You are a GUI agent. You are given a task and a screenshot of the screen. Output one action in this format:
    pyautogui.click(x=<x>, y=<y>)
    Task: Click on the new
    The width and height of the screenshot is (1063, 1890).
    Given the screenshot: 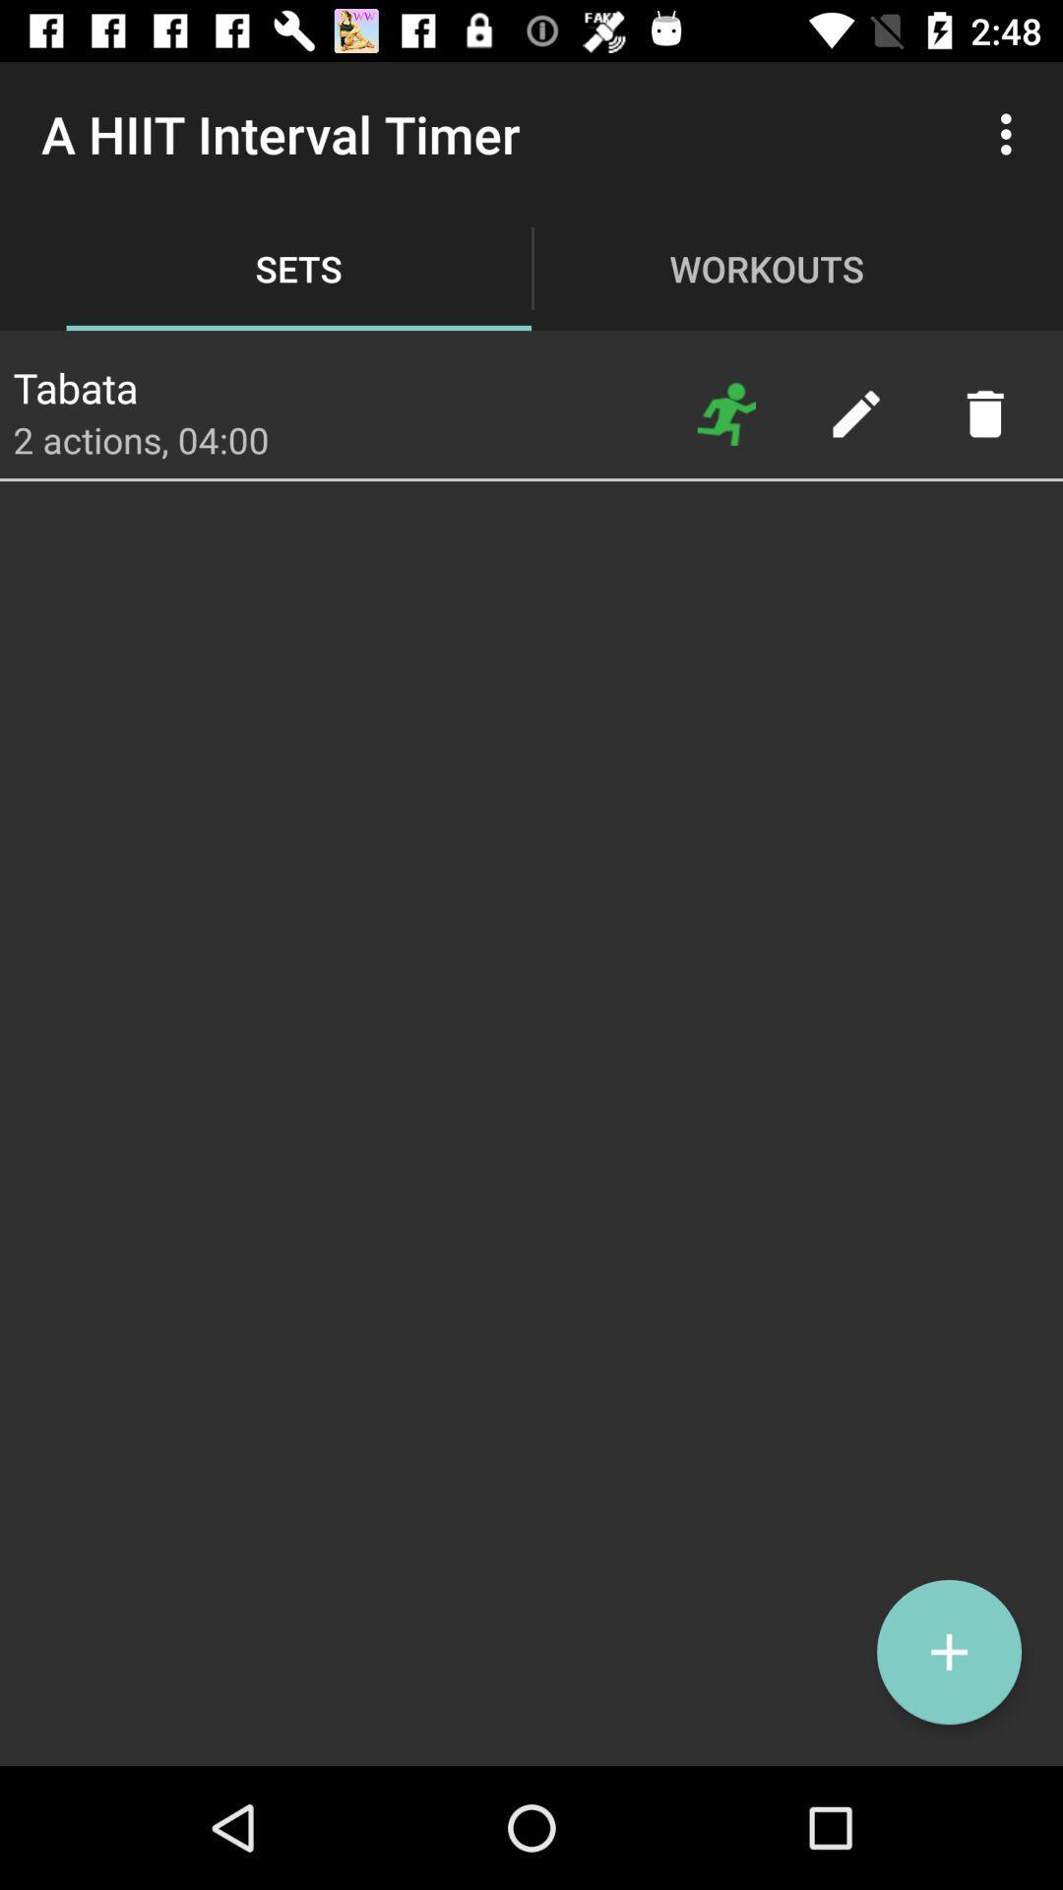 What is the action you would take?
    pyautogui.click(x=948, y=1652)
    